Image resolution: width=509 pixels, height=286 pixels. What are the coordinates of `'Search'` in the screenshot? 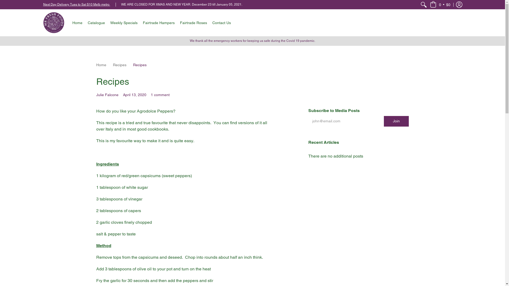 It's located at (423, 5).